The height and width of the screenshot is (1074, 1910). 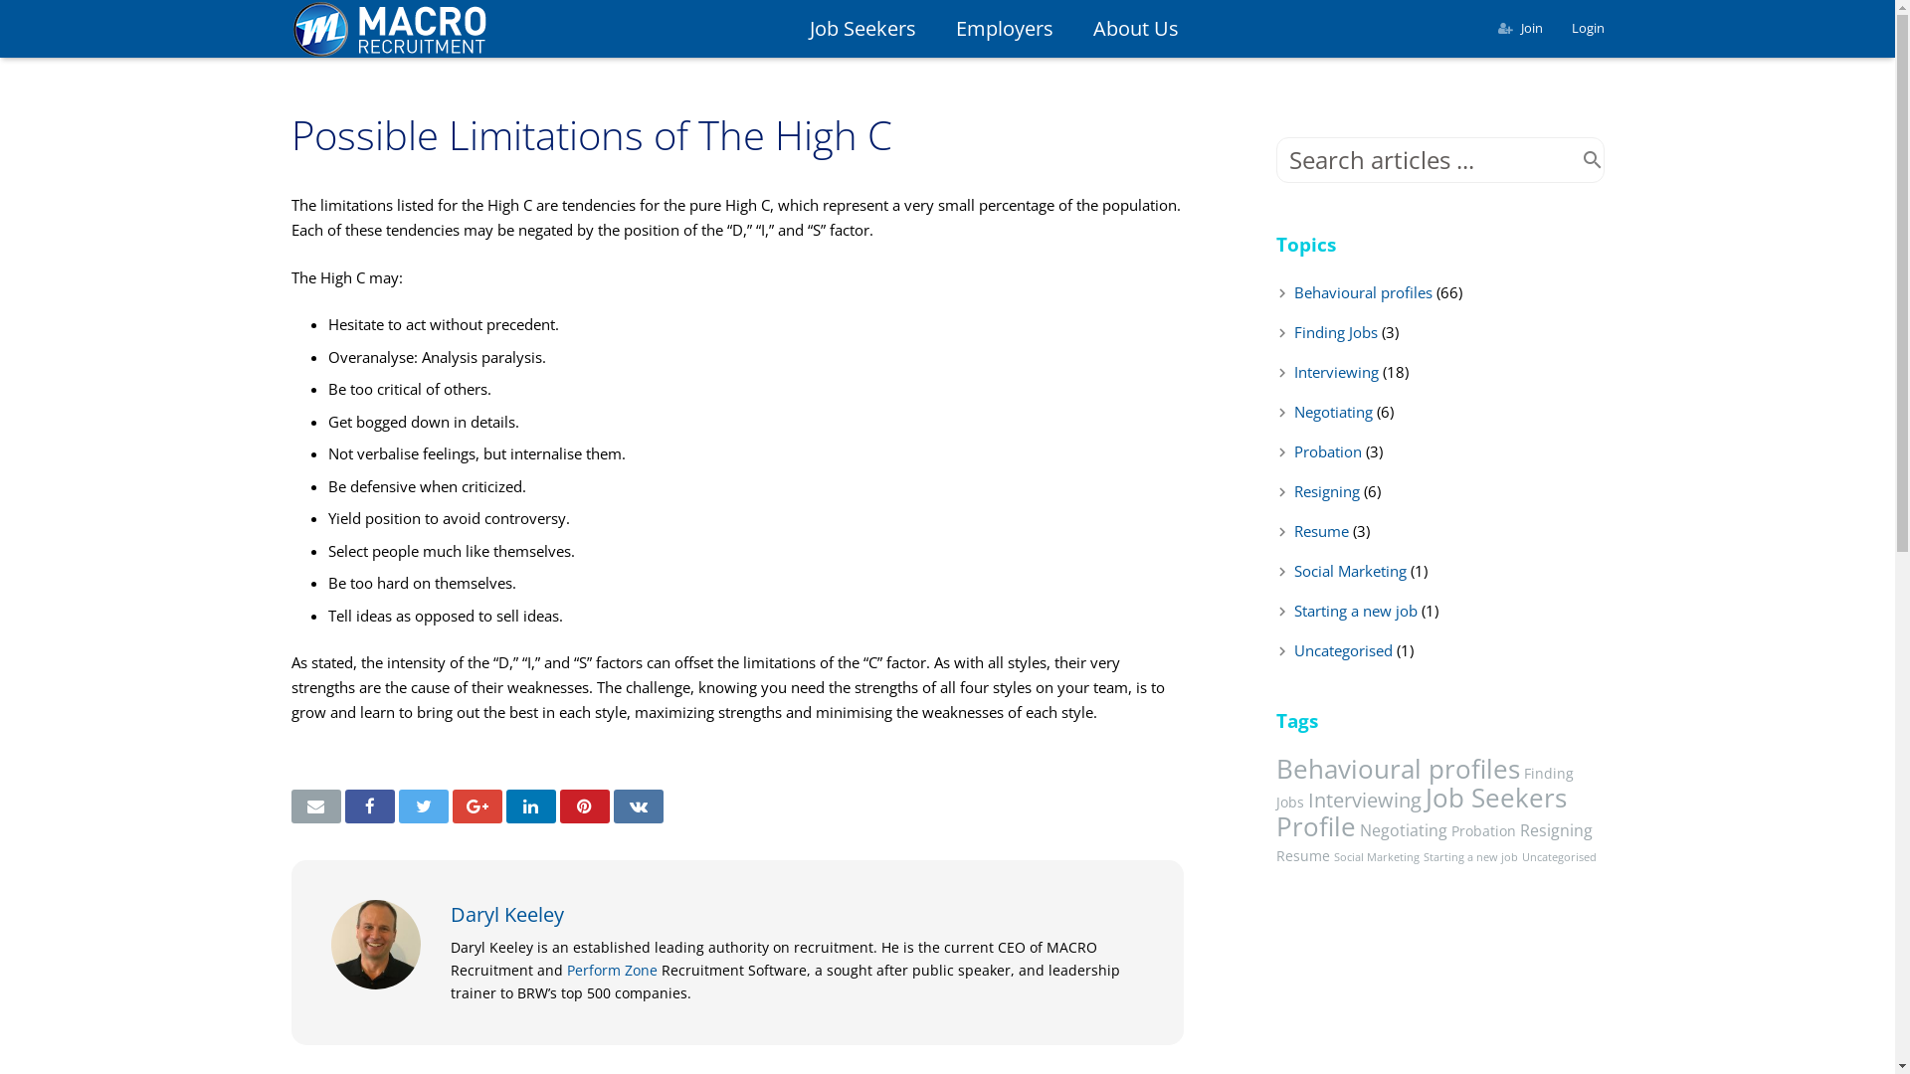 What do you see at coordinates (638, 805) in the screenshot?
I see `'Share this'` at bounding box center [638, 805].